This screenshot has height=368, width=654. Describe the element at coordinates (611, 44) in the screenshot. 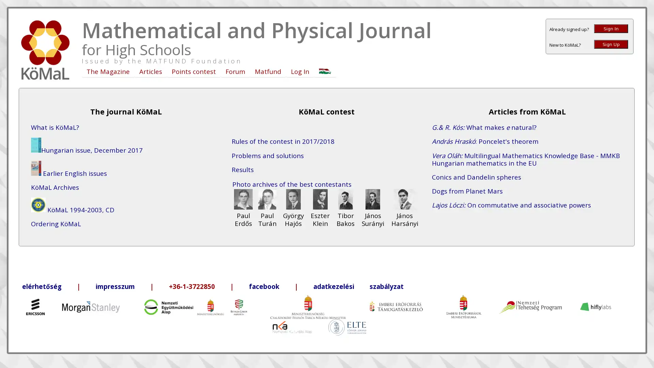

I see `Sign Up` at that location.